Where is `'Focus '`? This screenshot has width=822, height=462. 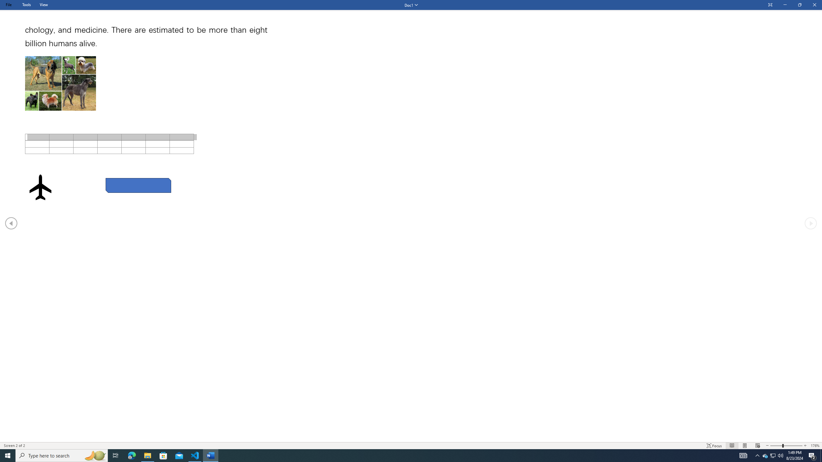
'Focus ' is located at coordinates (714, 446).